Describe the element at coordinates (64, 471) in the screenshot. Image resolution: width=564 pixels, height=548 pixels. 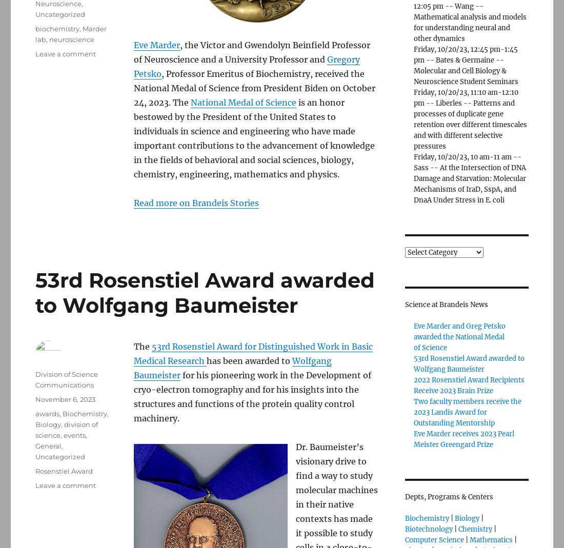
I see `'Rosenstiel Award'` at that location.